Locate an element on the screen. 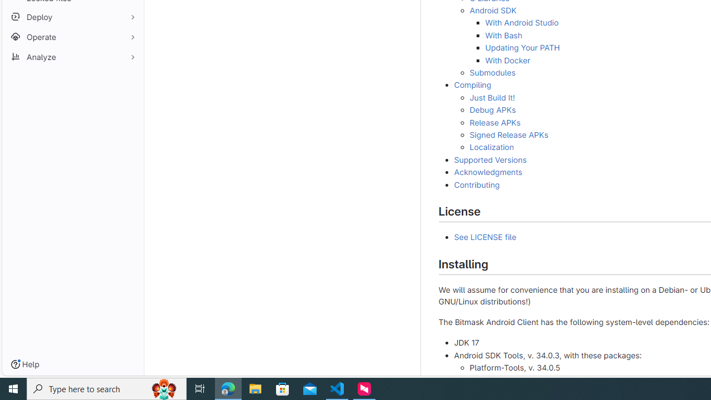  'With Bash' is located at coordinates (503, 34).